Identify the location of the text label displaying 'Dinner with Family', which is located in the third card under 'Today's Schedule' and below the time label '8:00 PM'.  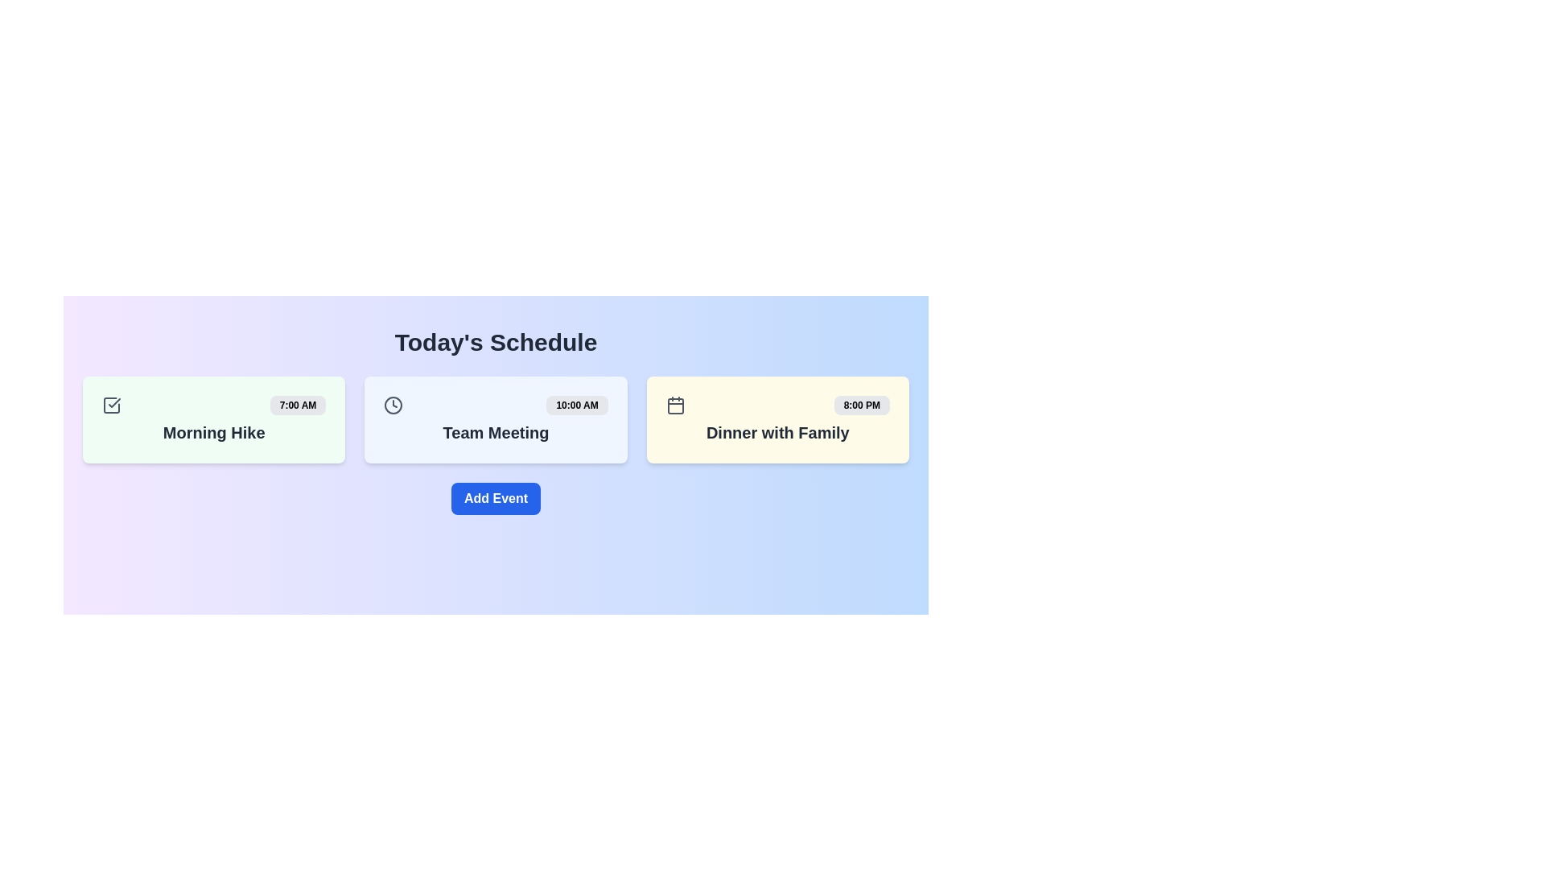
(777, 431).